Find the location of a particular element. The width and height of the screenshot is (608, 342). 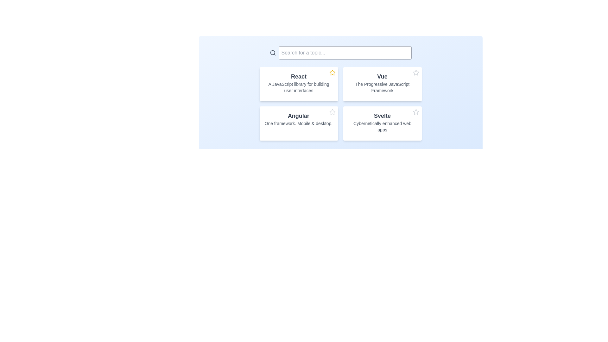

the interactive star icon located in the top-right corner of the 'Svelte' card is located at coordinates (416, 111).